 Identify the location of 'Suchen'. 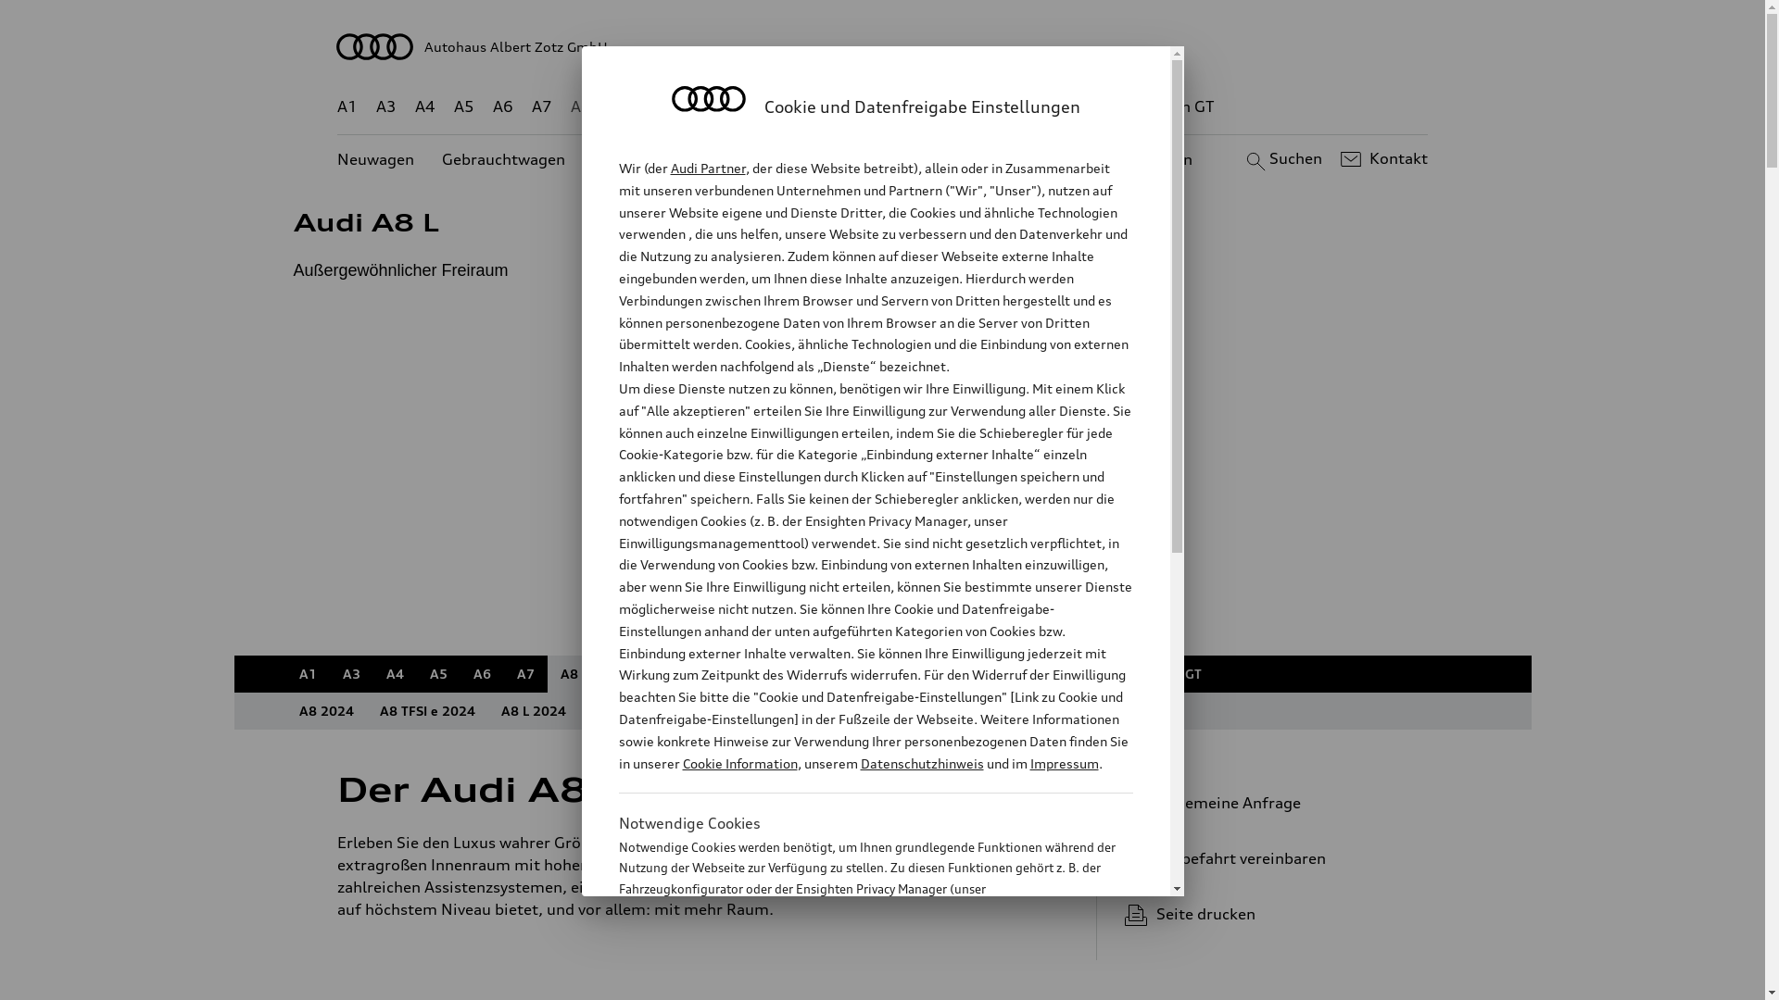
(1281, 158).